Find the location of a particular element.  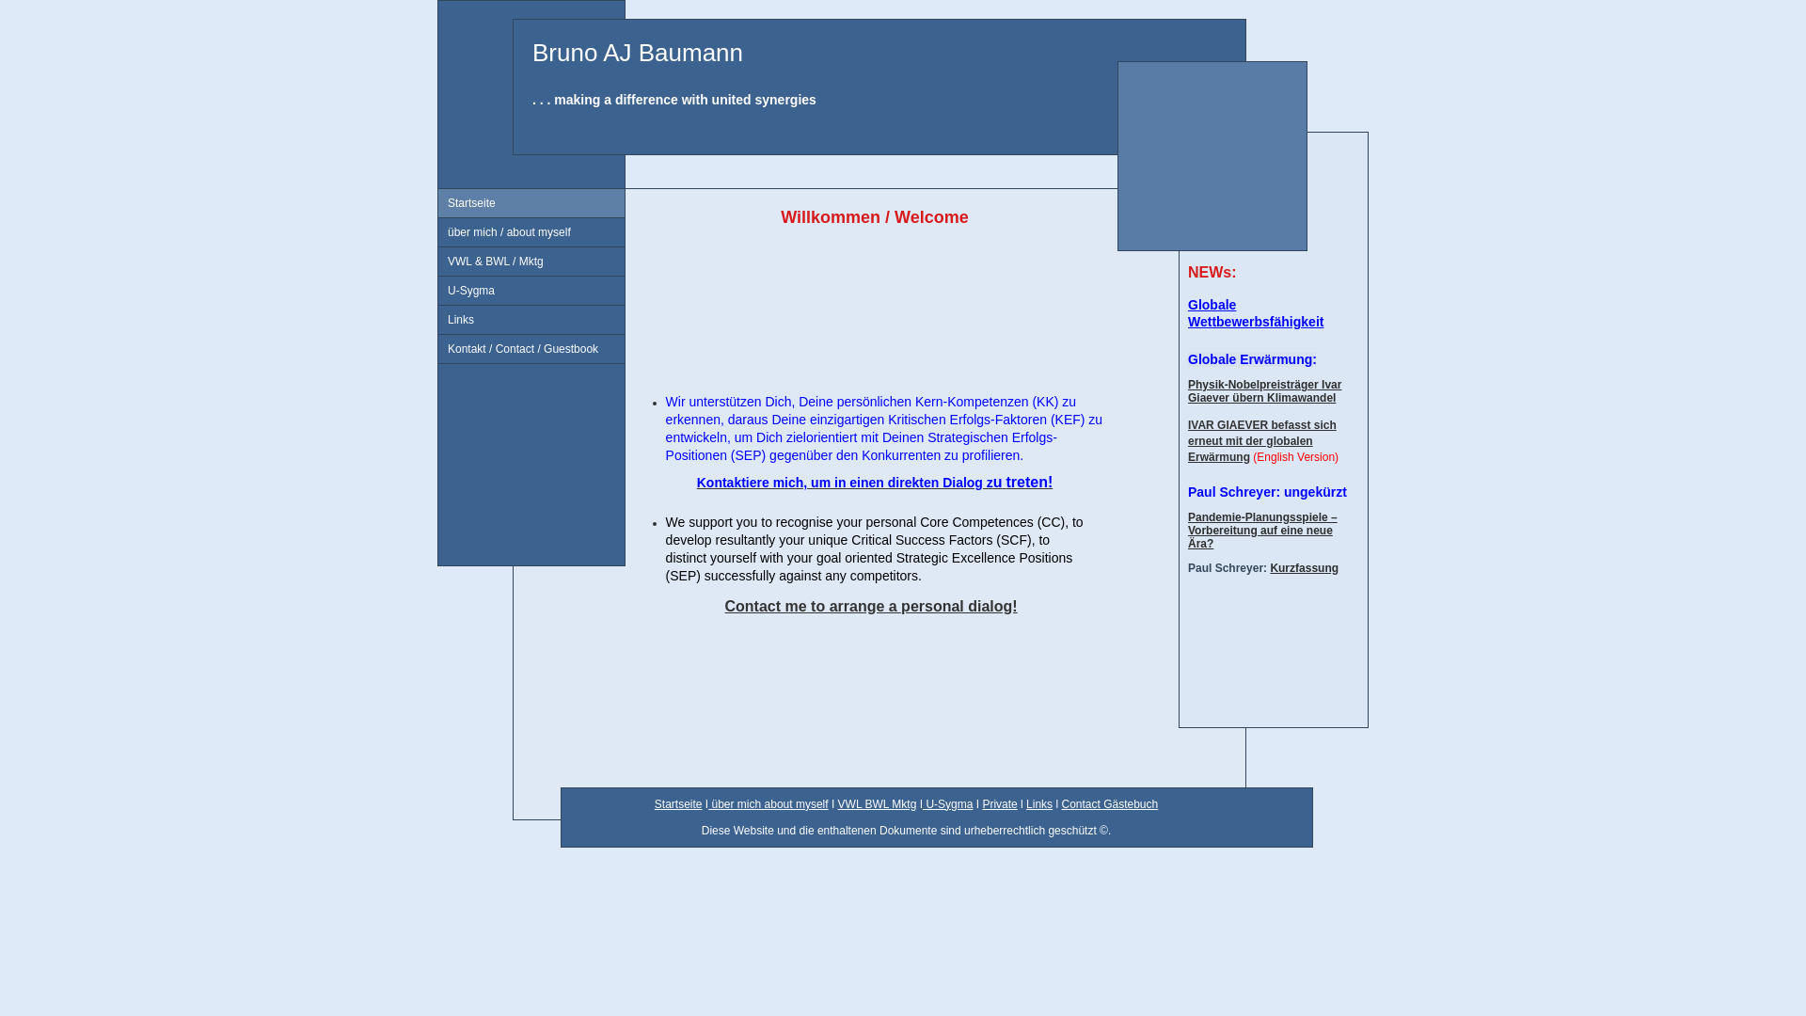

'VWL BWL Mktg' is located at coordinates (876, 804).